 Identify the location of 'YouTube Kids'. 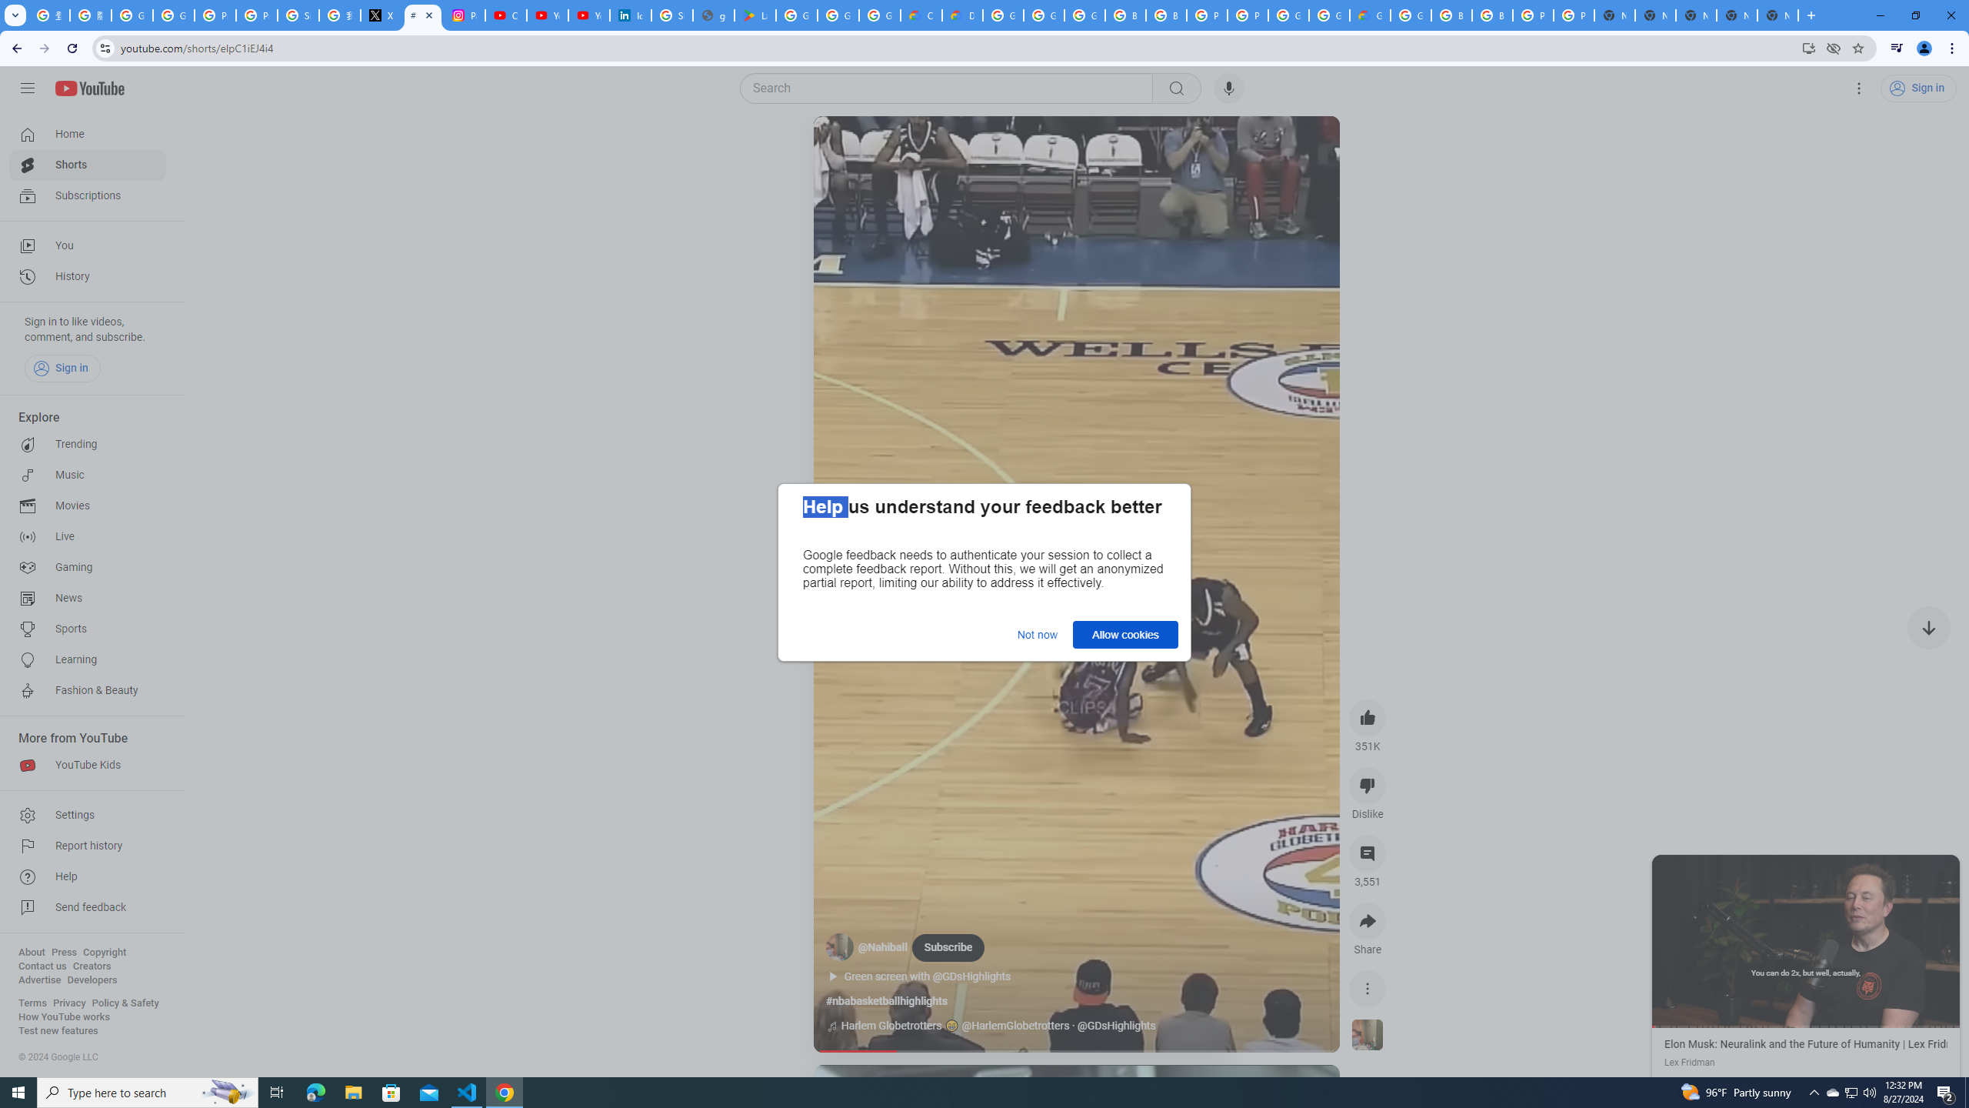
(87, 766).